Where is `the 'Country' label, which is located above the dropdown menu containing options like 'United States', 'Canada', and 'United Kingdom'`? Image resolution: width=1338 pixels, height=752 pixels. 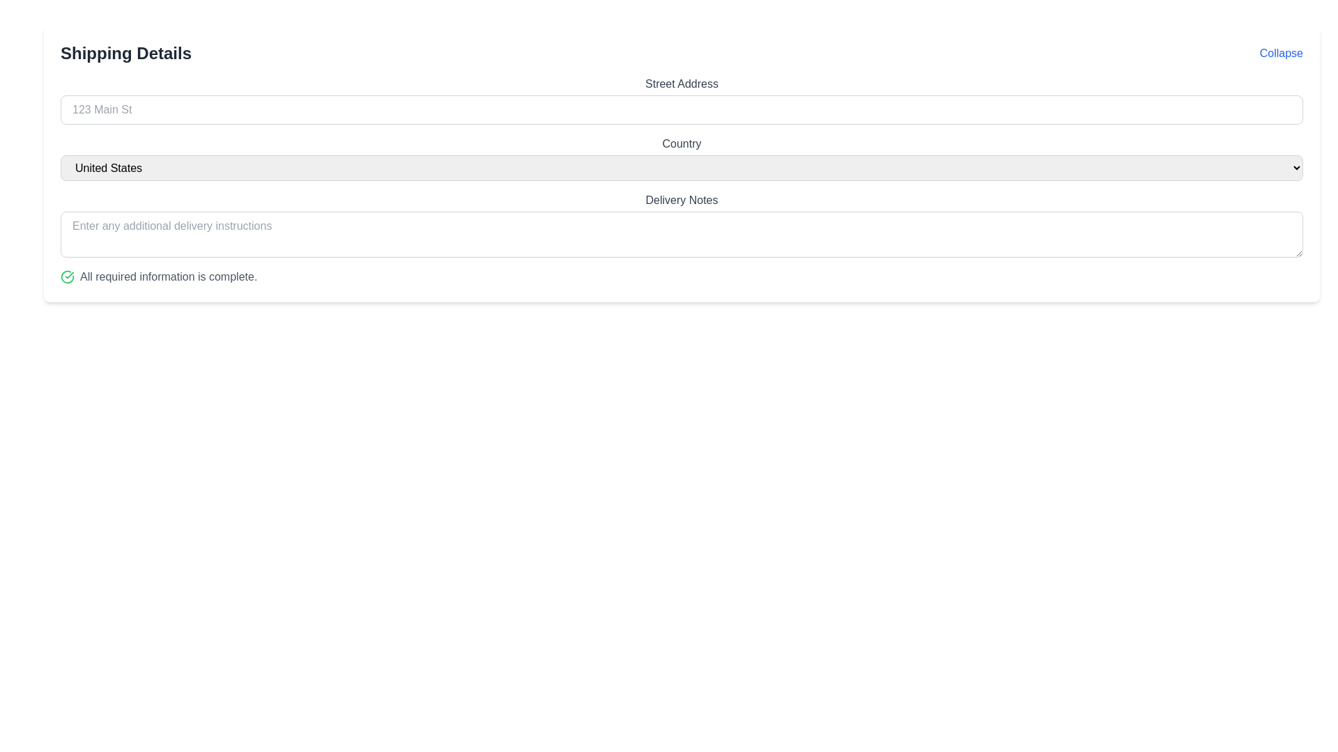
the 'Country' label, which is located above the dropdown menu containing options like 'United States', 'Canada', and 'United Kingdom' is located at coordinates (682, 144).